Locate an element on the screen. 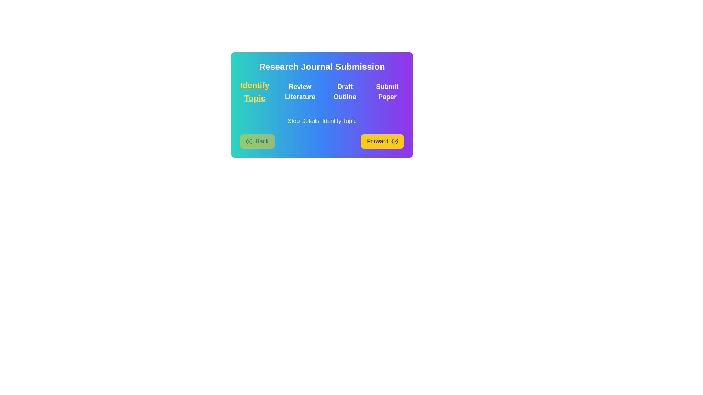  the navigation button to move to the Forward step is located at coordinates (382, 141).